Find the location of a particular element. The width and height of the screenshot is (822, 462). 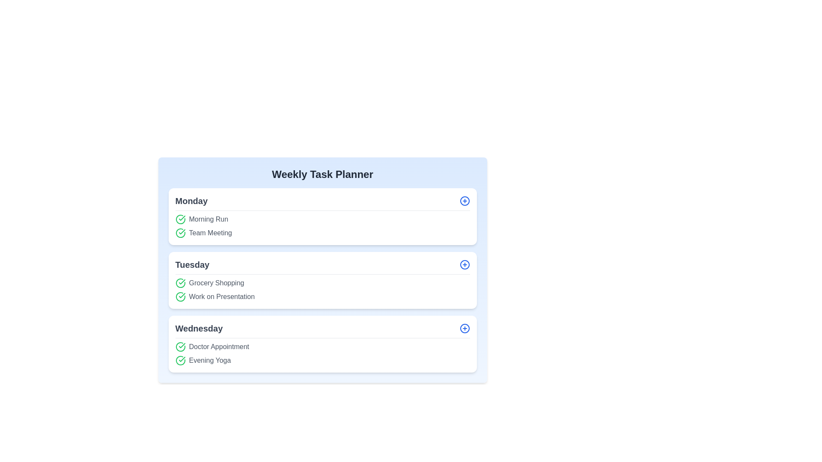

the 'Add Task' button for Monday is located at coordinates (464, 201).